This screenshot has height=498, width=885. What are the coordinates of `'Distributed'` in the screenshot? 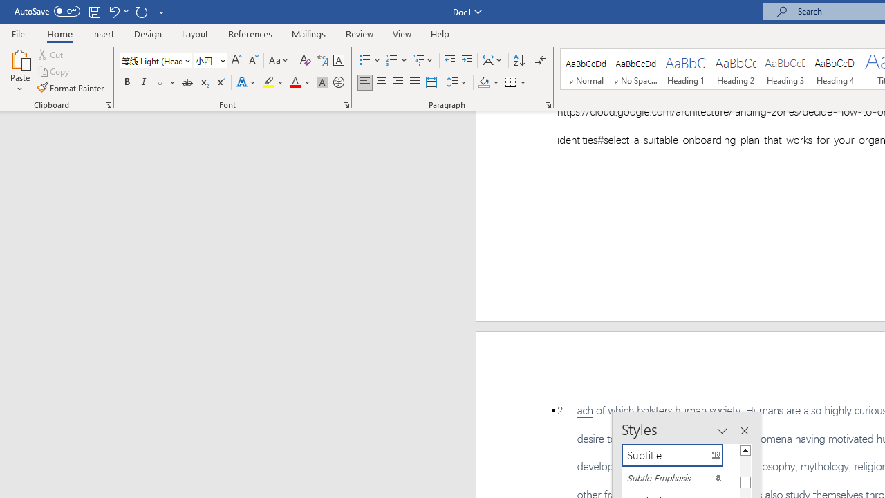 It's located at (431, 82).